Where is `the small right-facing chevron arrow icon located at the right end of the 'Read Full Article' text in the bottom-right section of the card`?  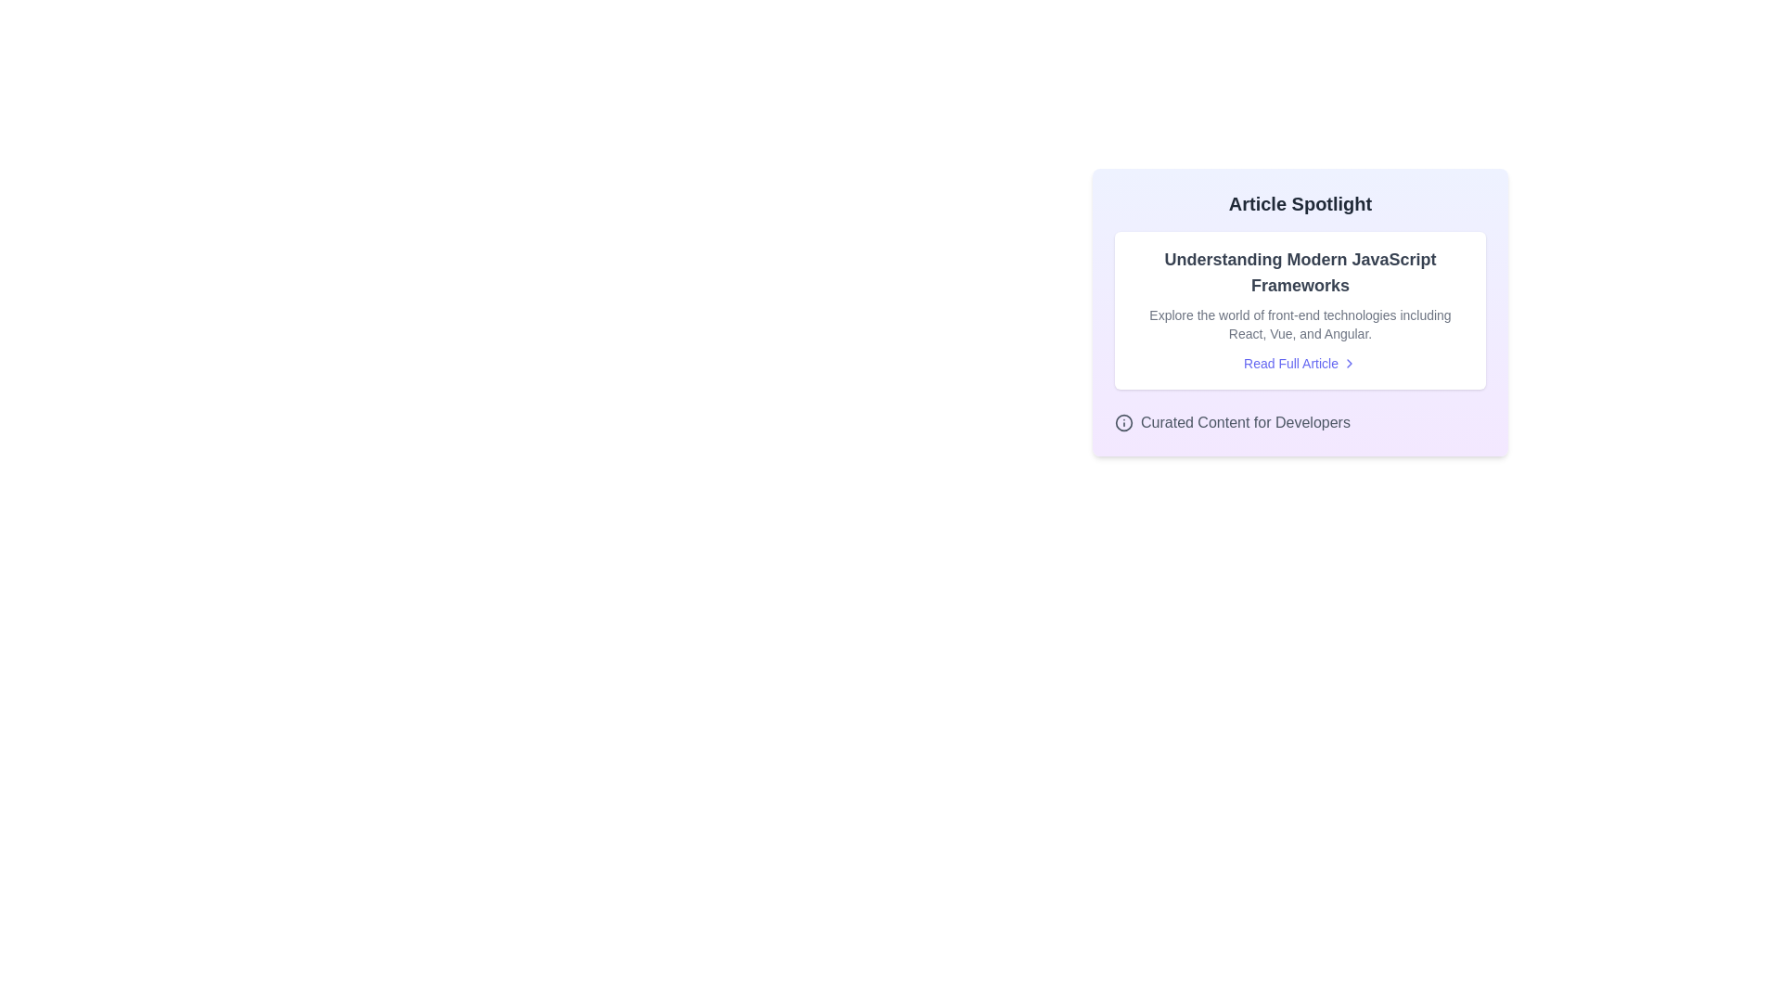
the small right-facing chevron arrow icon located at the right end of the 'Read Full Article' text in the bottom-right section of the card is located at coordinates (1349, 364).